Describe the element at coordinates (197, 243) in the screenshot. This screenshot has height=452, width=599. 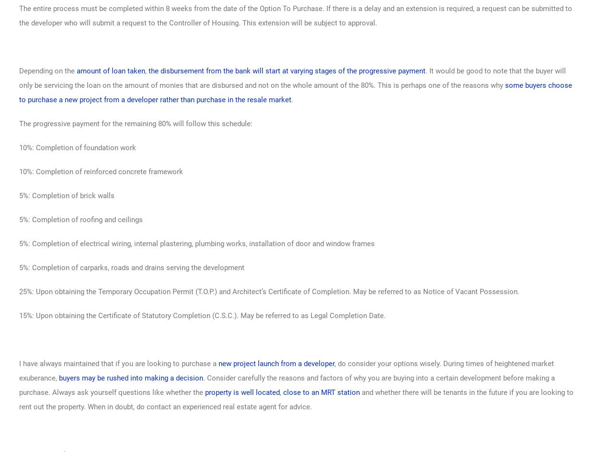
I see `'5%: Completion of electrical wiring, internal plastering, plumbing works, installation of door and window frames'` at that location.